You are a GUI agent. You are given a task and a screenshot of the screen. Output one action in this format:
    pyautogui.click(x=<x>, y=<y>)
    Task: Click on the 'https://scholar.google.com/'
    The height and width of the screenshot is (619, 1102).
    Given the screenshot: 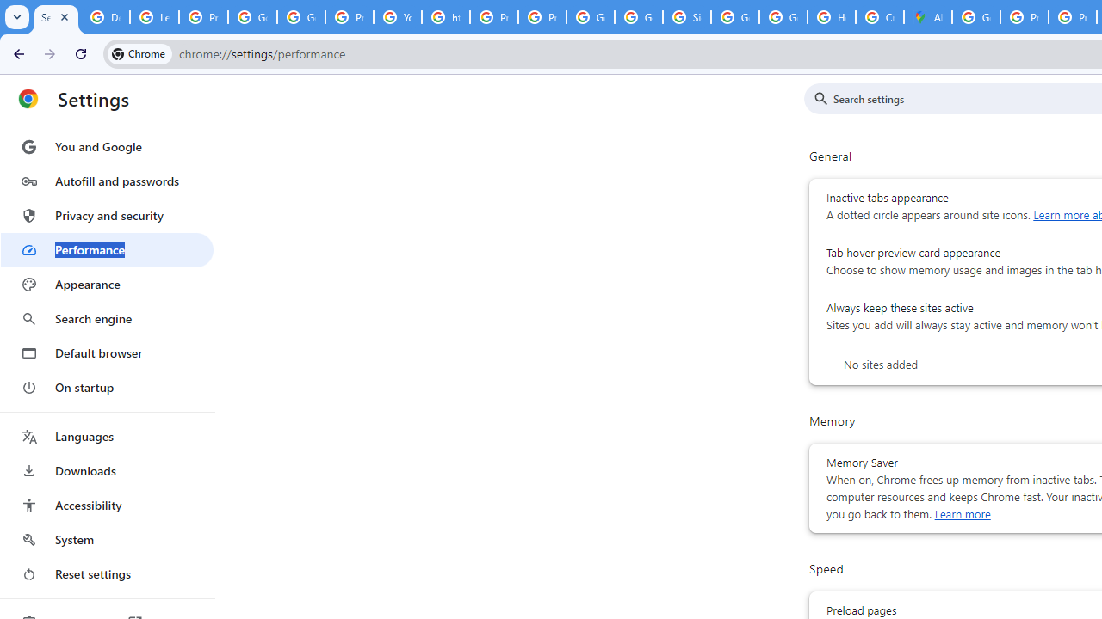 What is the action you would take?
    pyautogui.click(x=446, y=17)
    